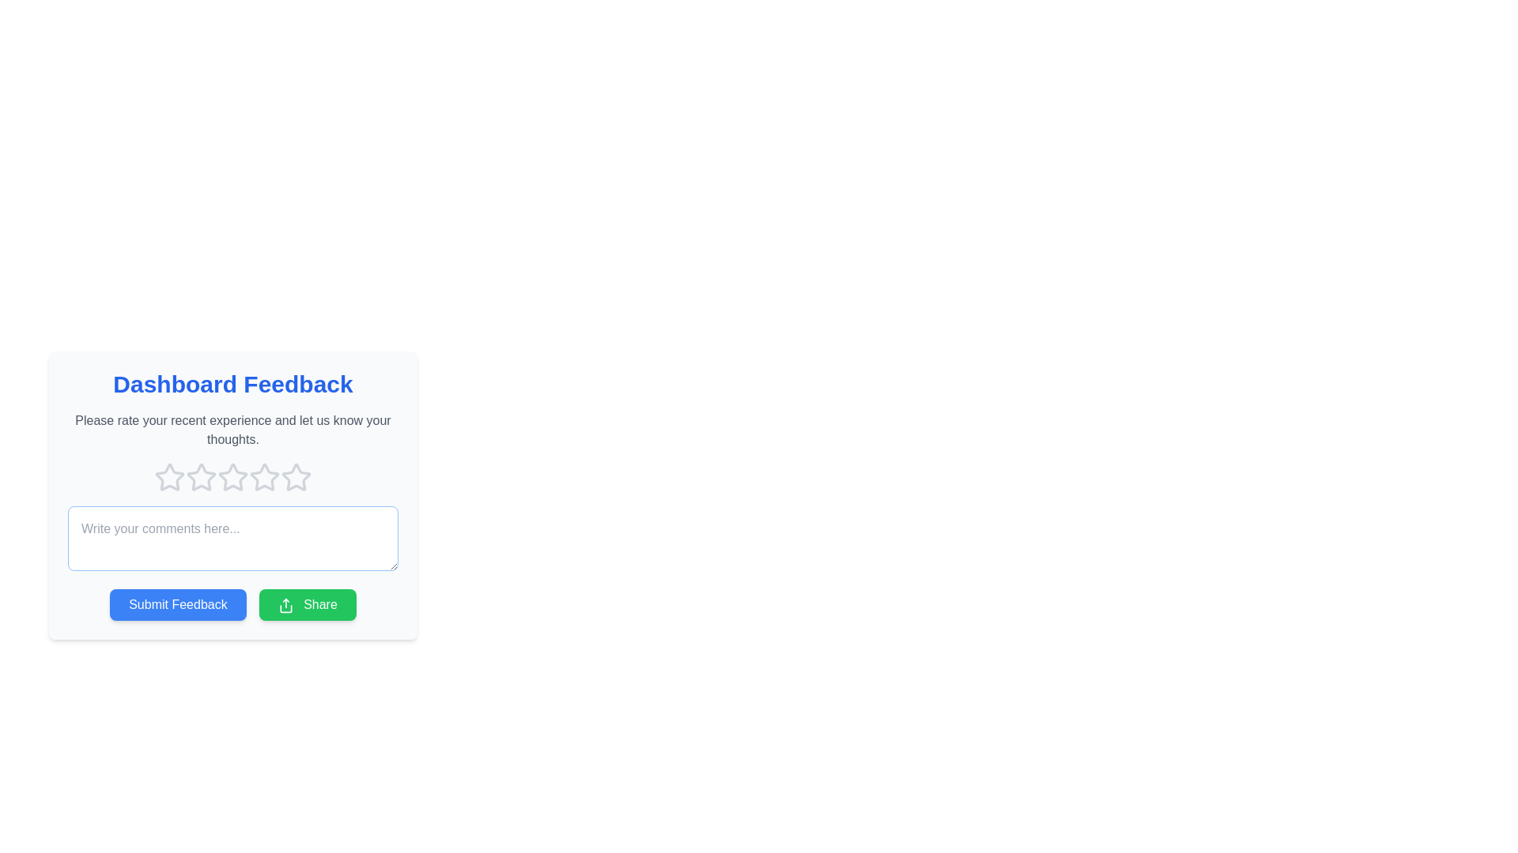  I want to click on the Text heading that indicates the function and purpose of the feedback section, located at the top of a light-gray, rounded box, so click(232, 384).